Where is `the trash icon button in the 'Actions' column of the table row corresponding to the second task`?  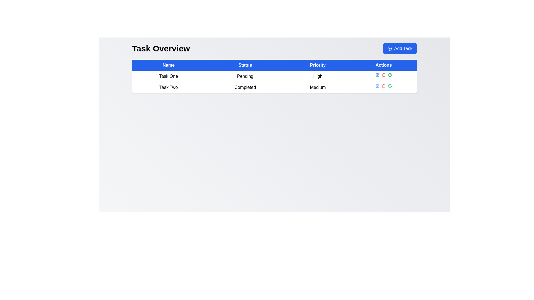 the trash icon button in the 'Actions' column of the table row corresponding to the second task is located at coordinates (383, 86).